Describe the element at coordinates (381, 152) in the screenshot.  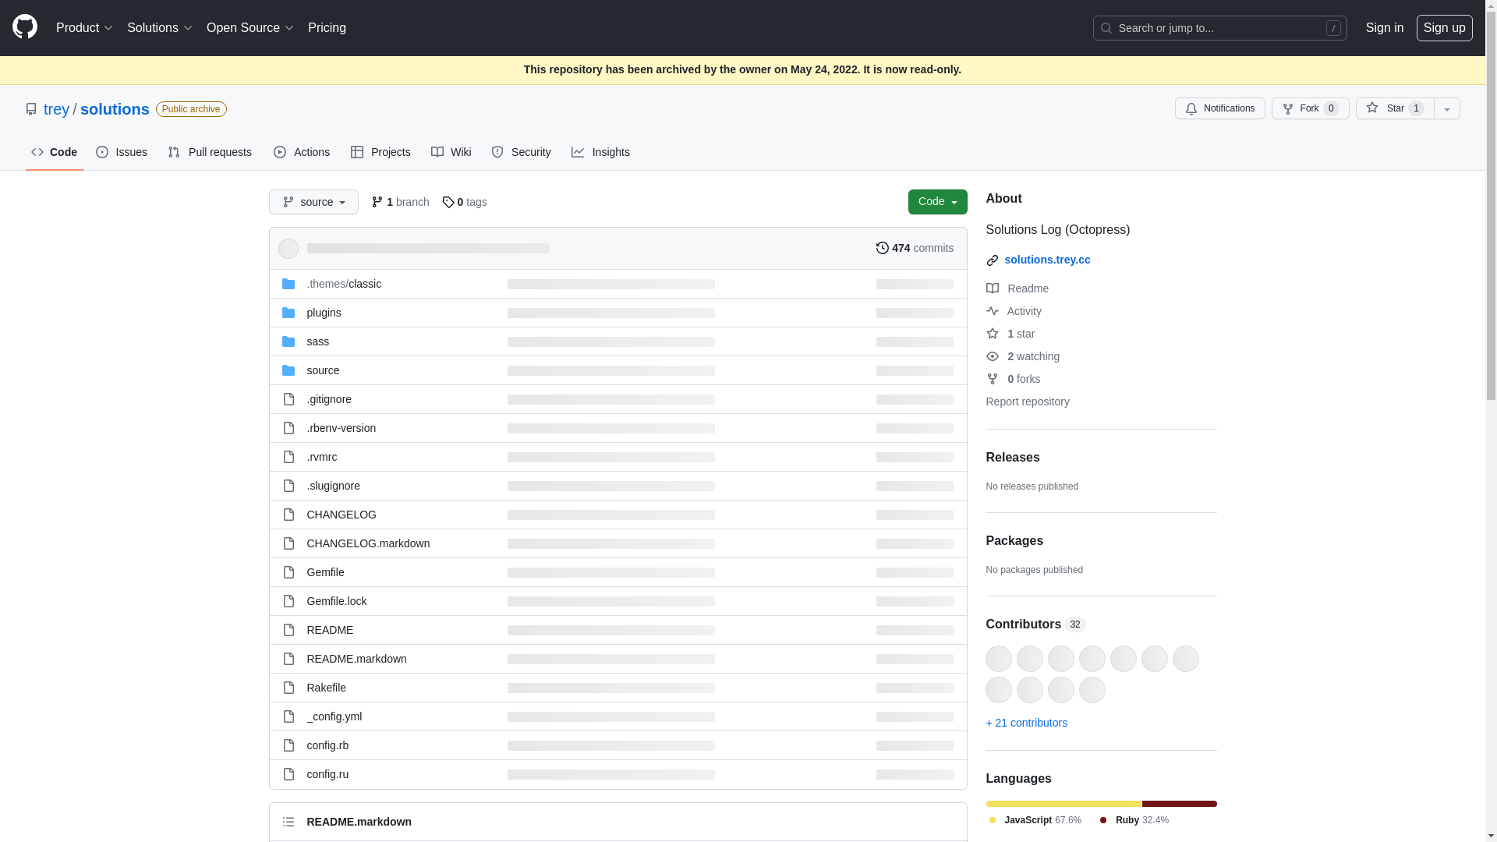
I see `'Projects'` at that location.